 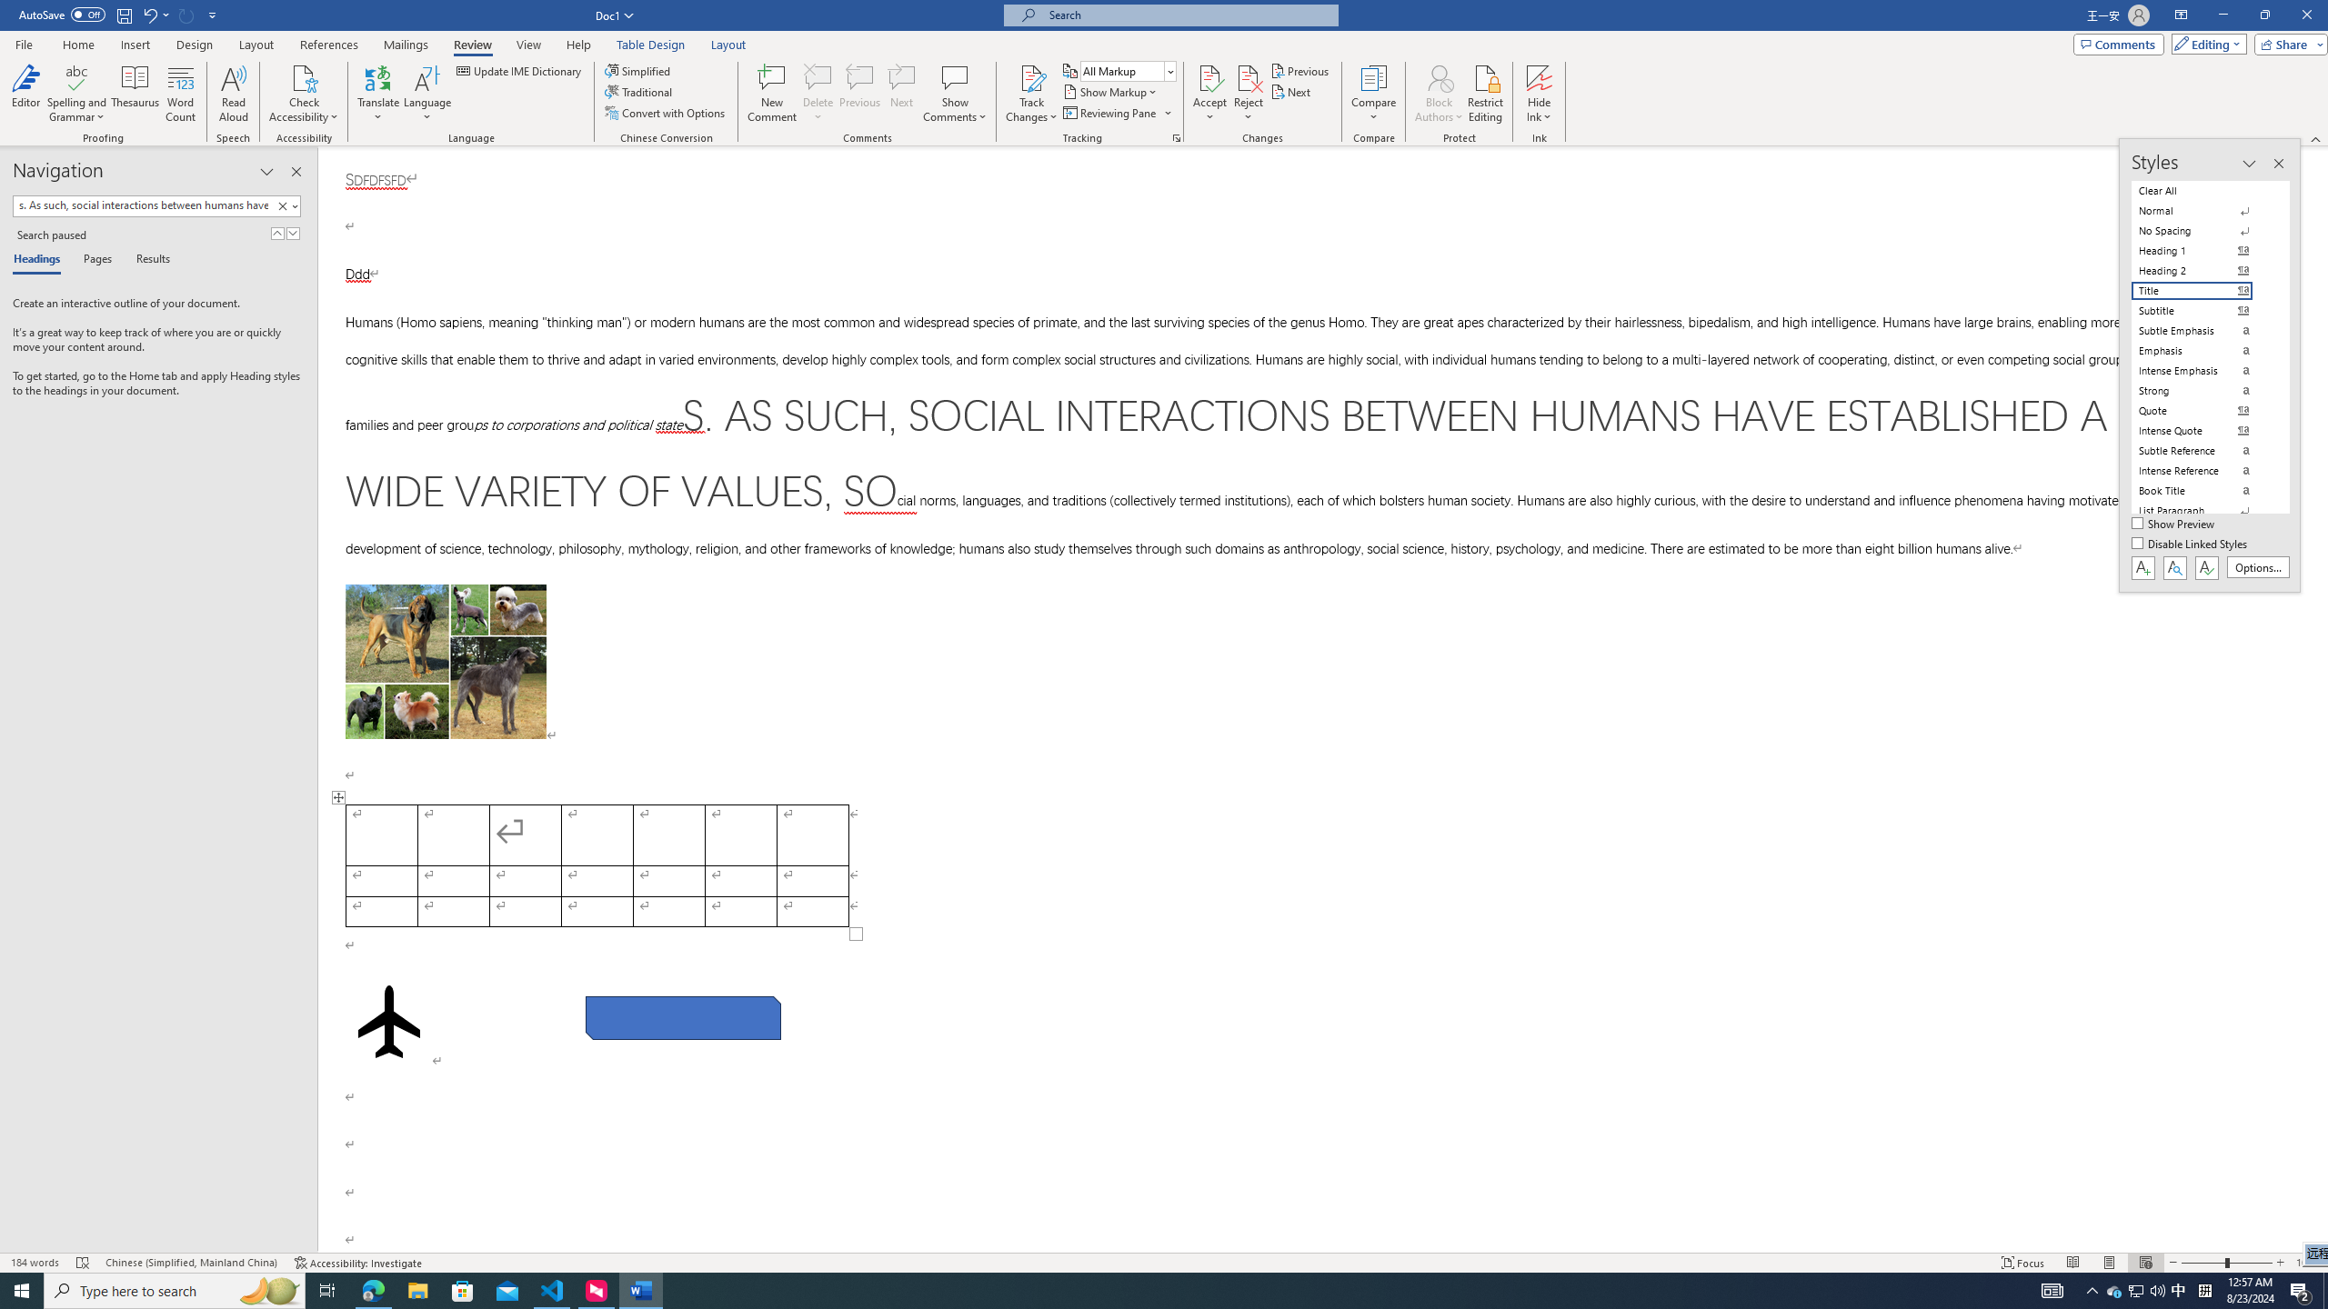 I want to click on 'Show Preview', so click(x=2175, y=525).